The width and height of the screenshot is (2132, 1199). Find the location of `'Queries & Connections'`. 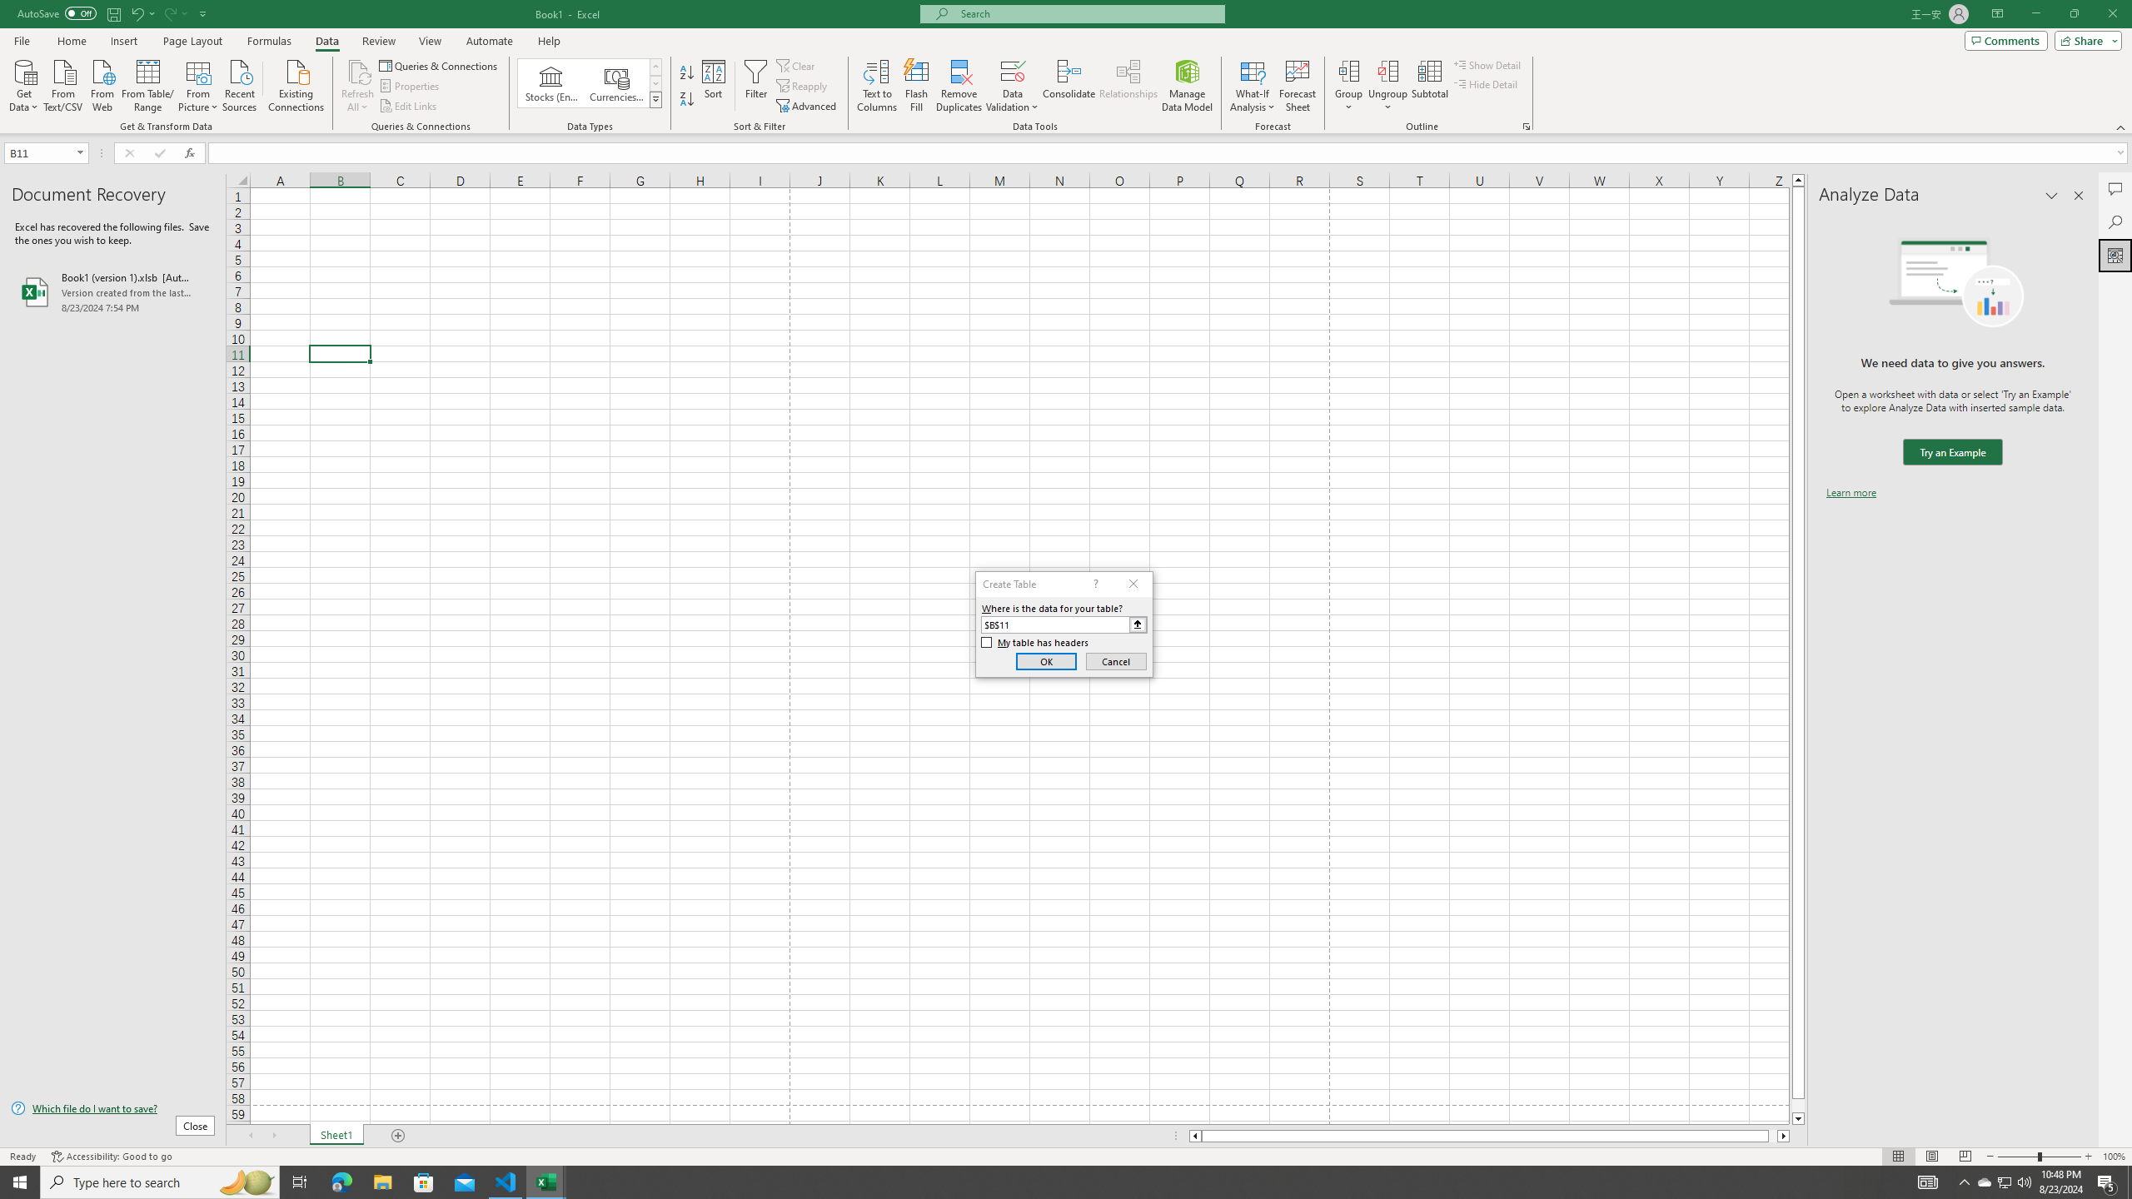

'Queries & Connections' is located at coordinates (439, 65).